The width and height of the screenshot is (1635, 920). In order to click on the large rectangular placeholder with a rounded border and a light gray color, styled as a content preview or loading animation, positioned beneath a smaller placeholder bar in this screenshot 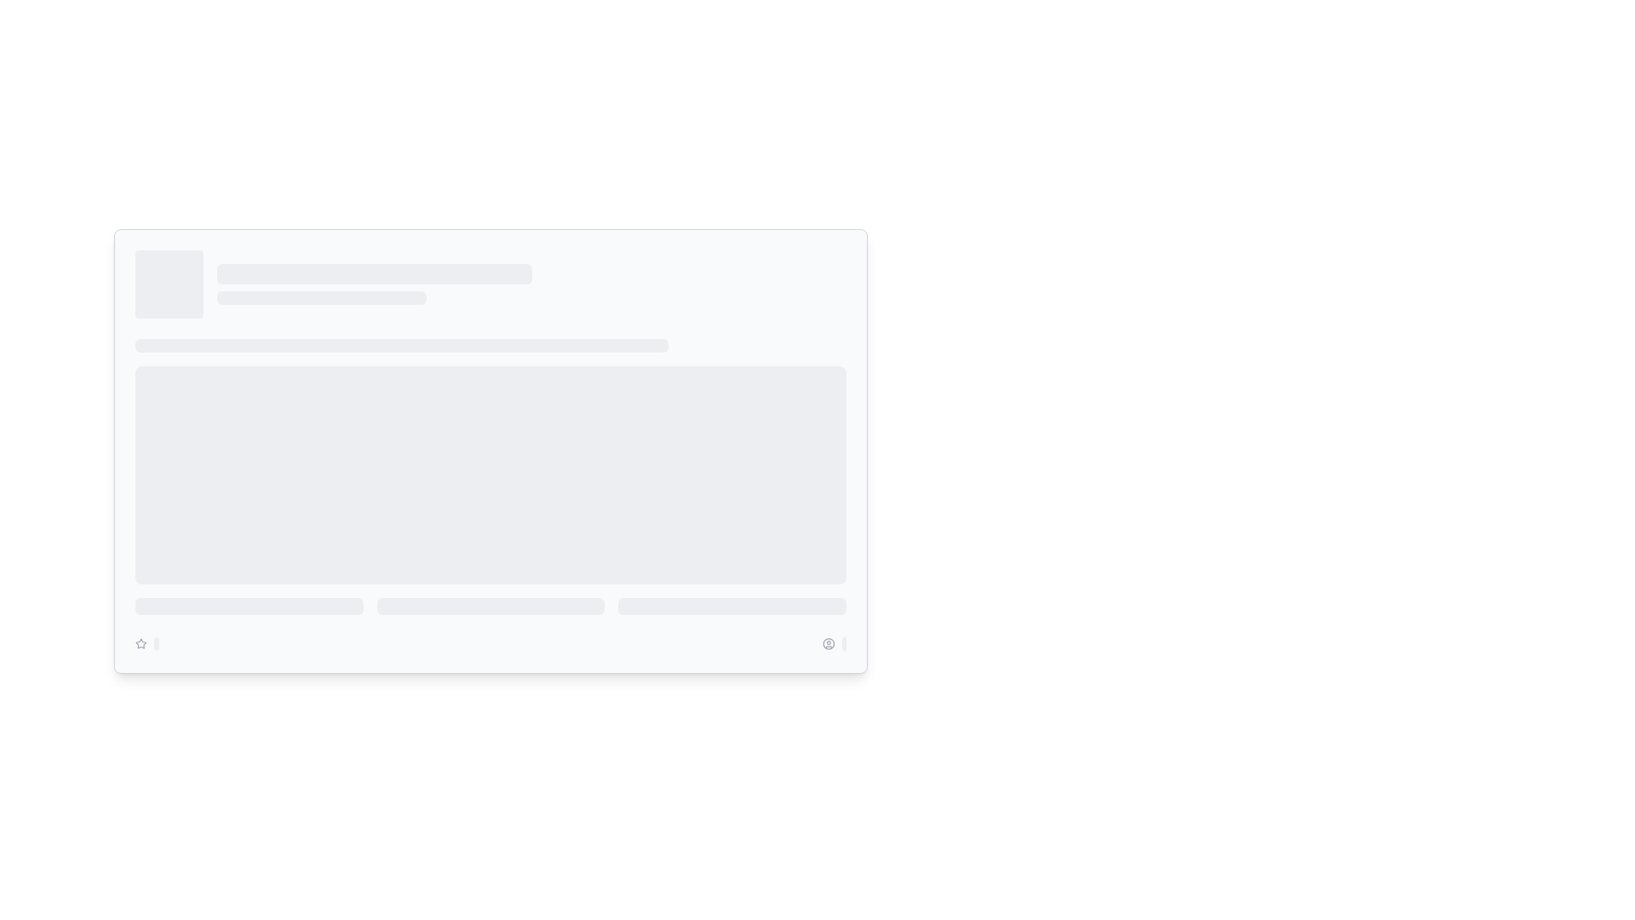, I will do `click(490, 475)`.